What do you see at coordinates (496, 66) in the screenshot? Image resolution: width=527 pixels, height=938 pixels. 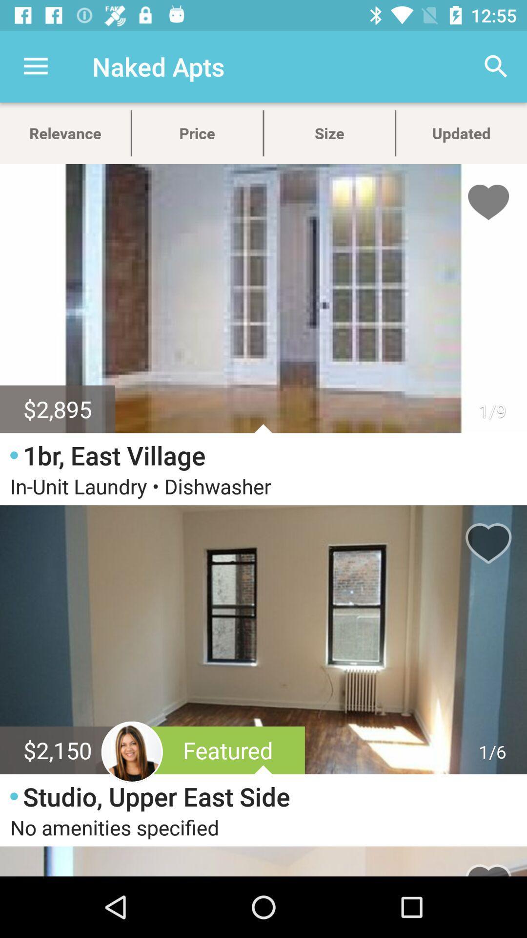 I see `the item above updated icon` at bounding box center [496, 66].